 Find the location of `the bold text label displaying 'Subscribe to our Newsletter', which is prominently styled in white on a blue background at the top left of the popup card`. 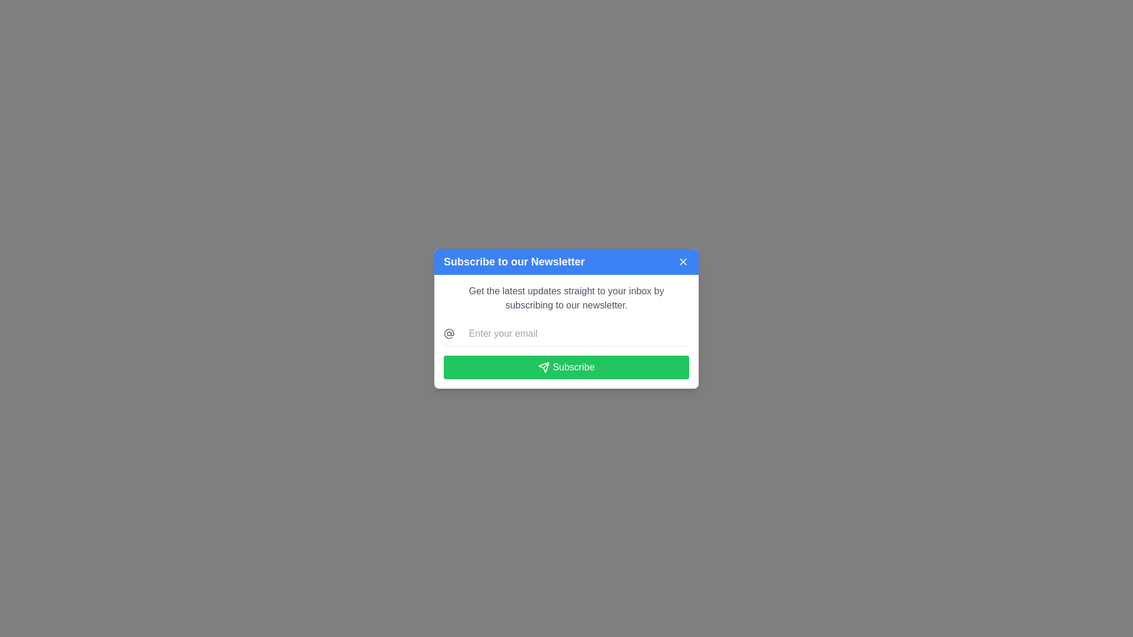

the bold text label displaying 'Subscribe to our Newsletter', which is prominently styled in white on a blue background at the top left of the popup card is located at coordinates (514, 261).